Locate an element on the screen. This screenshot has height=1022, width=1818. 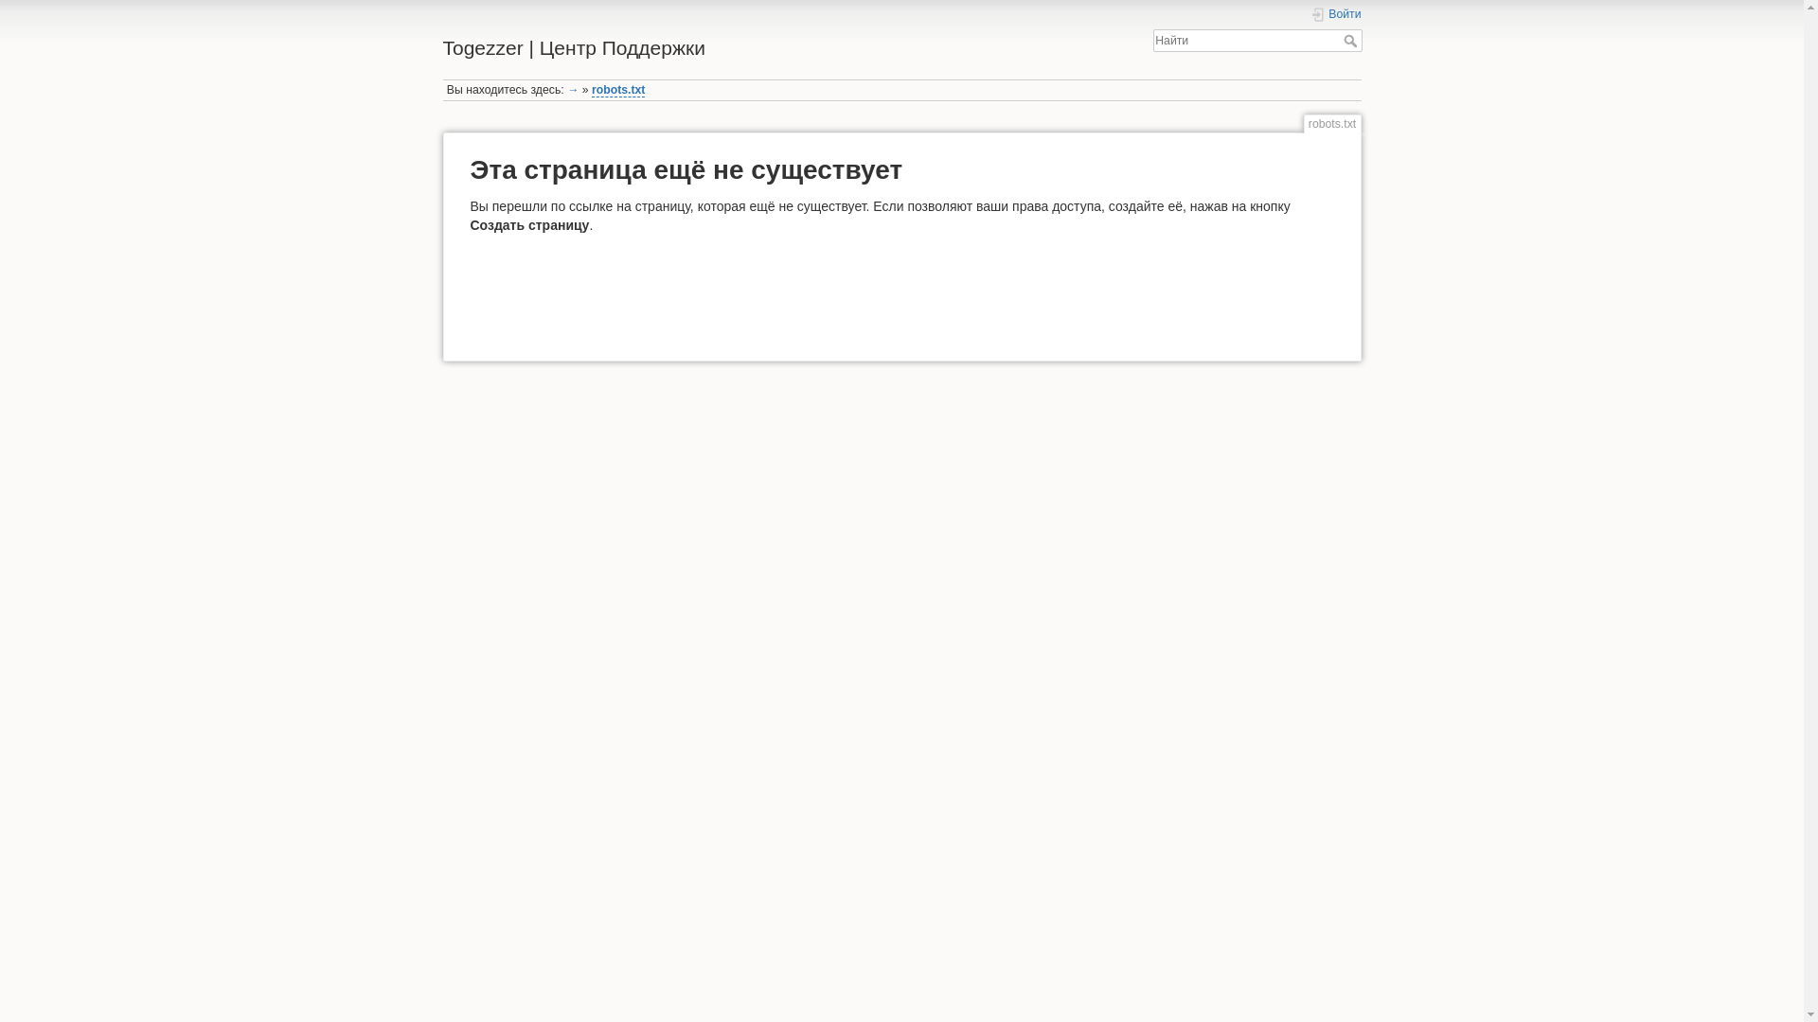
'[F]' is located at coordinates (1152, 41).